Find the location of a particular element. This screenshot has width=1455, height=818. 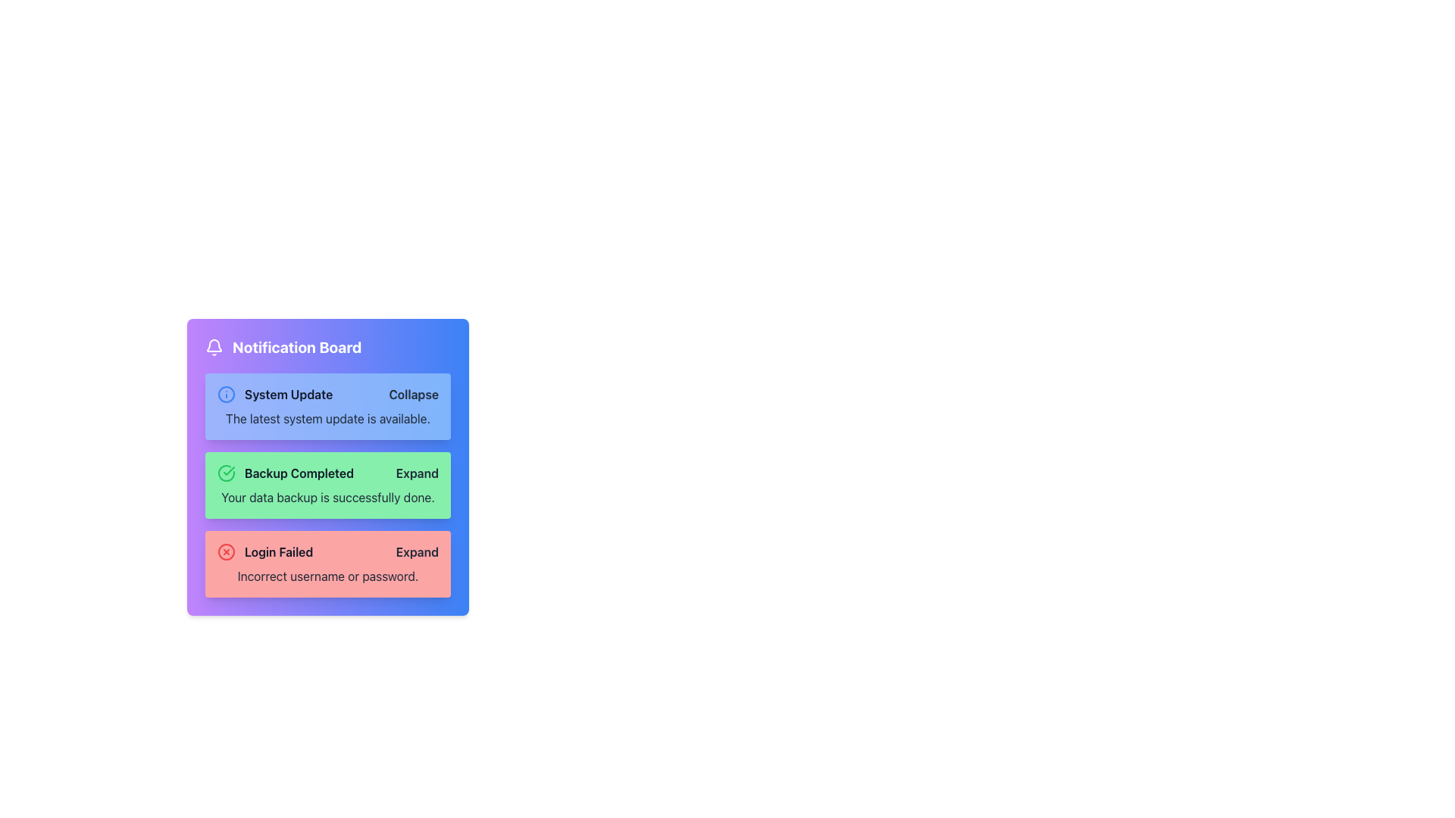

the error icon located in the 'Login Failed' notification box is located at coordinates (225, 552).